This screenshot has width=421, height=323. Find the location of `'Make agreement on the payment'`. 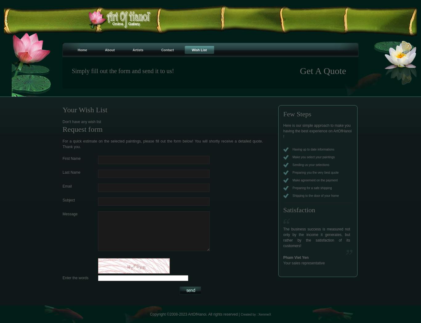

'Make agreement on the payment' is located at coordinates (315, 180).